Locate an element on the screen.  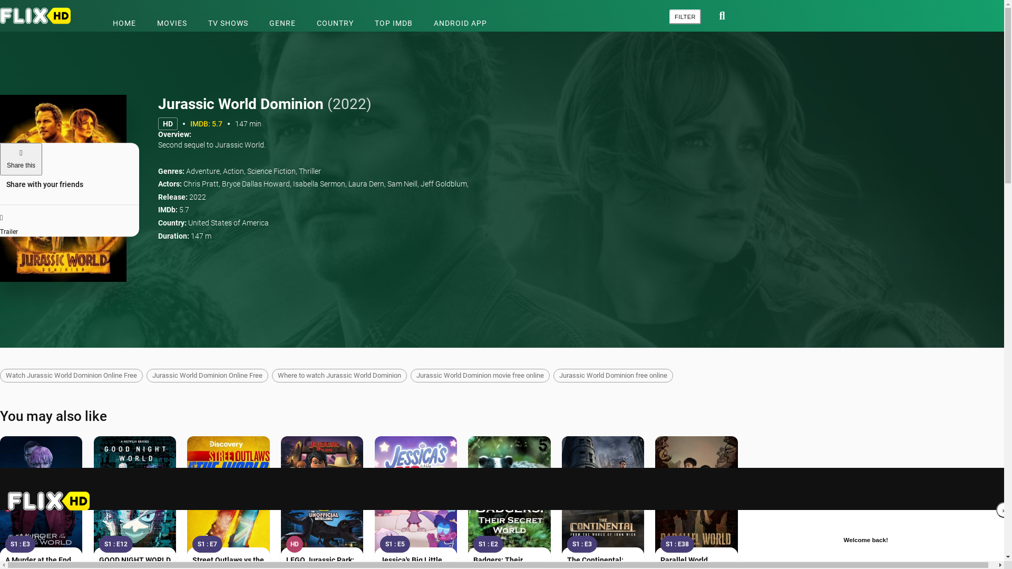
'Share this' is located at coordinates (21, 159).